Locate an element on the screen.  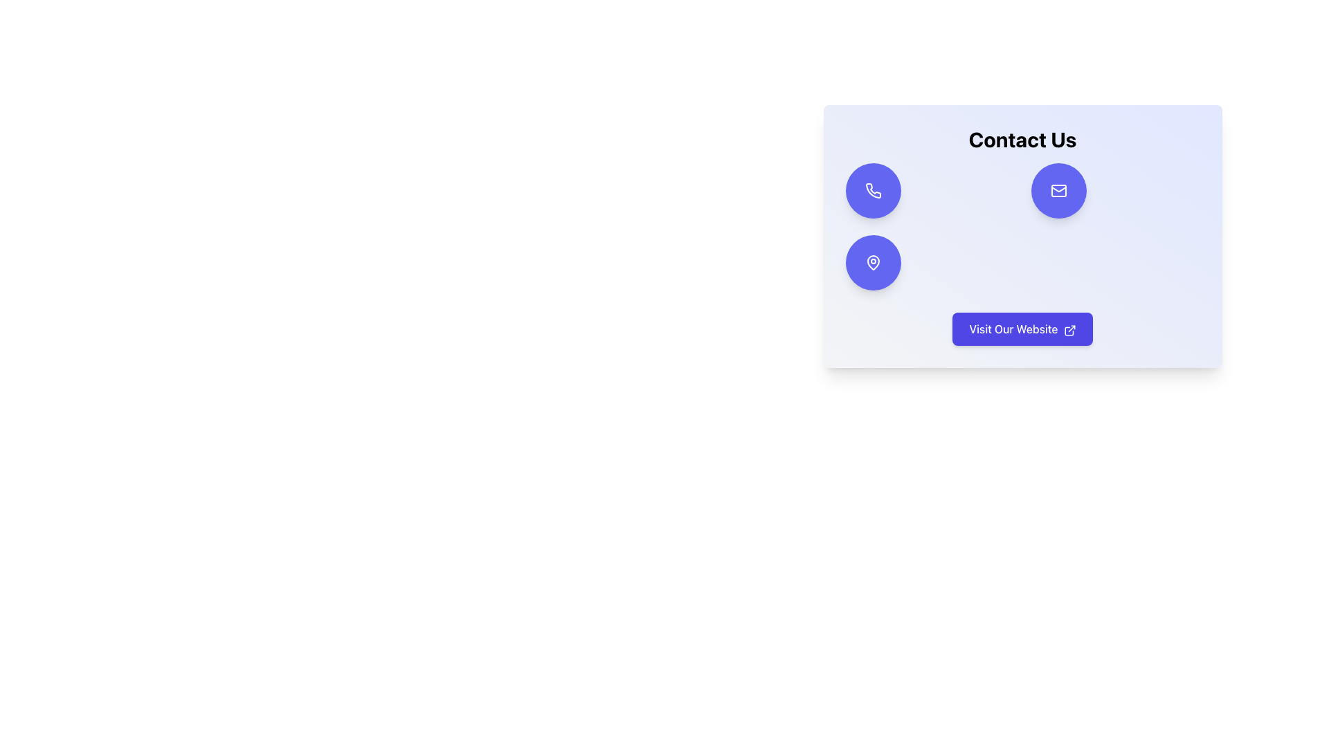
the map pin icon located in the 'Contact Us' section, which is the second circular icon vertically arranged between the phone icon above and the email icon below is located at coordinates (872, 263).